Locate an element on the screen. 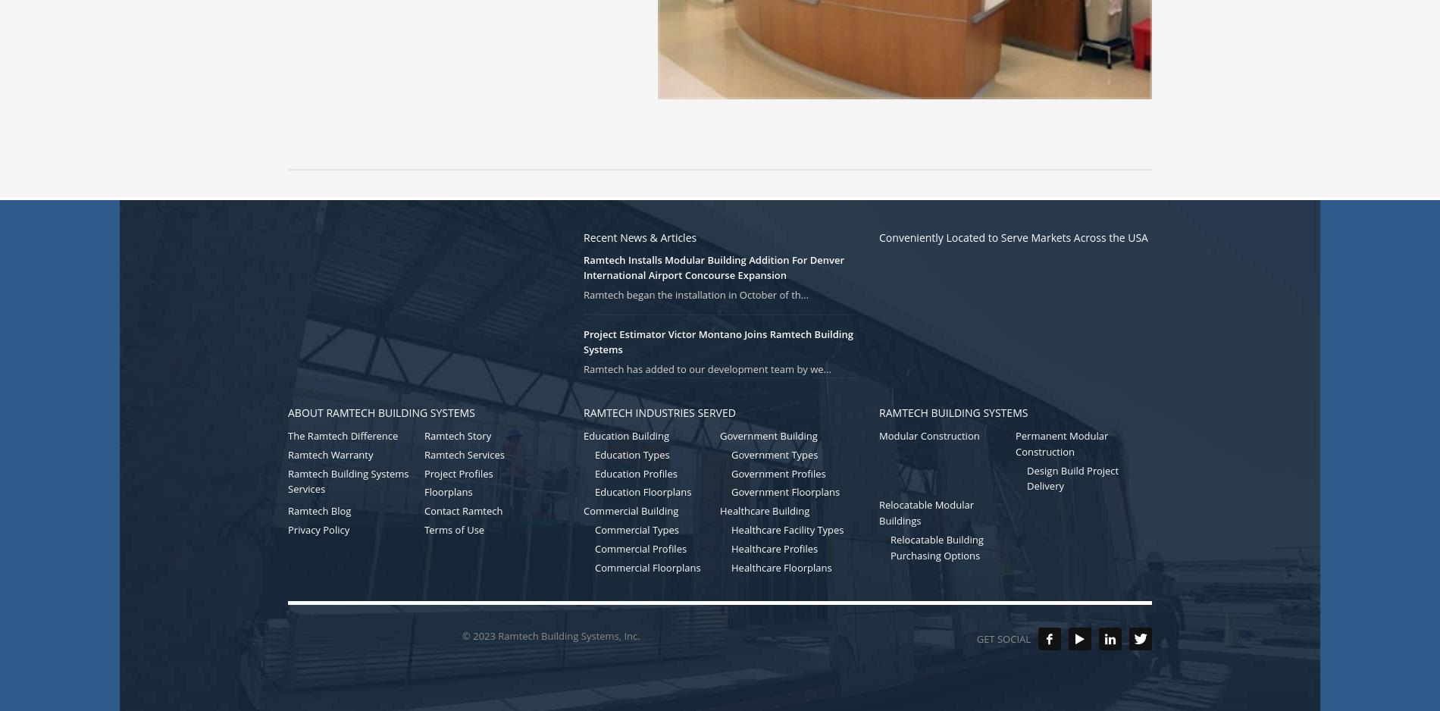 The width and height of the screenshot is (1440, 711). 'Permanent Modular Construction' is located at coordinates (1015, 442).